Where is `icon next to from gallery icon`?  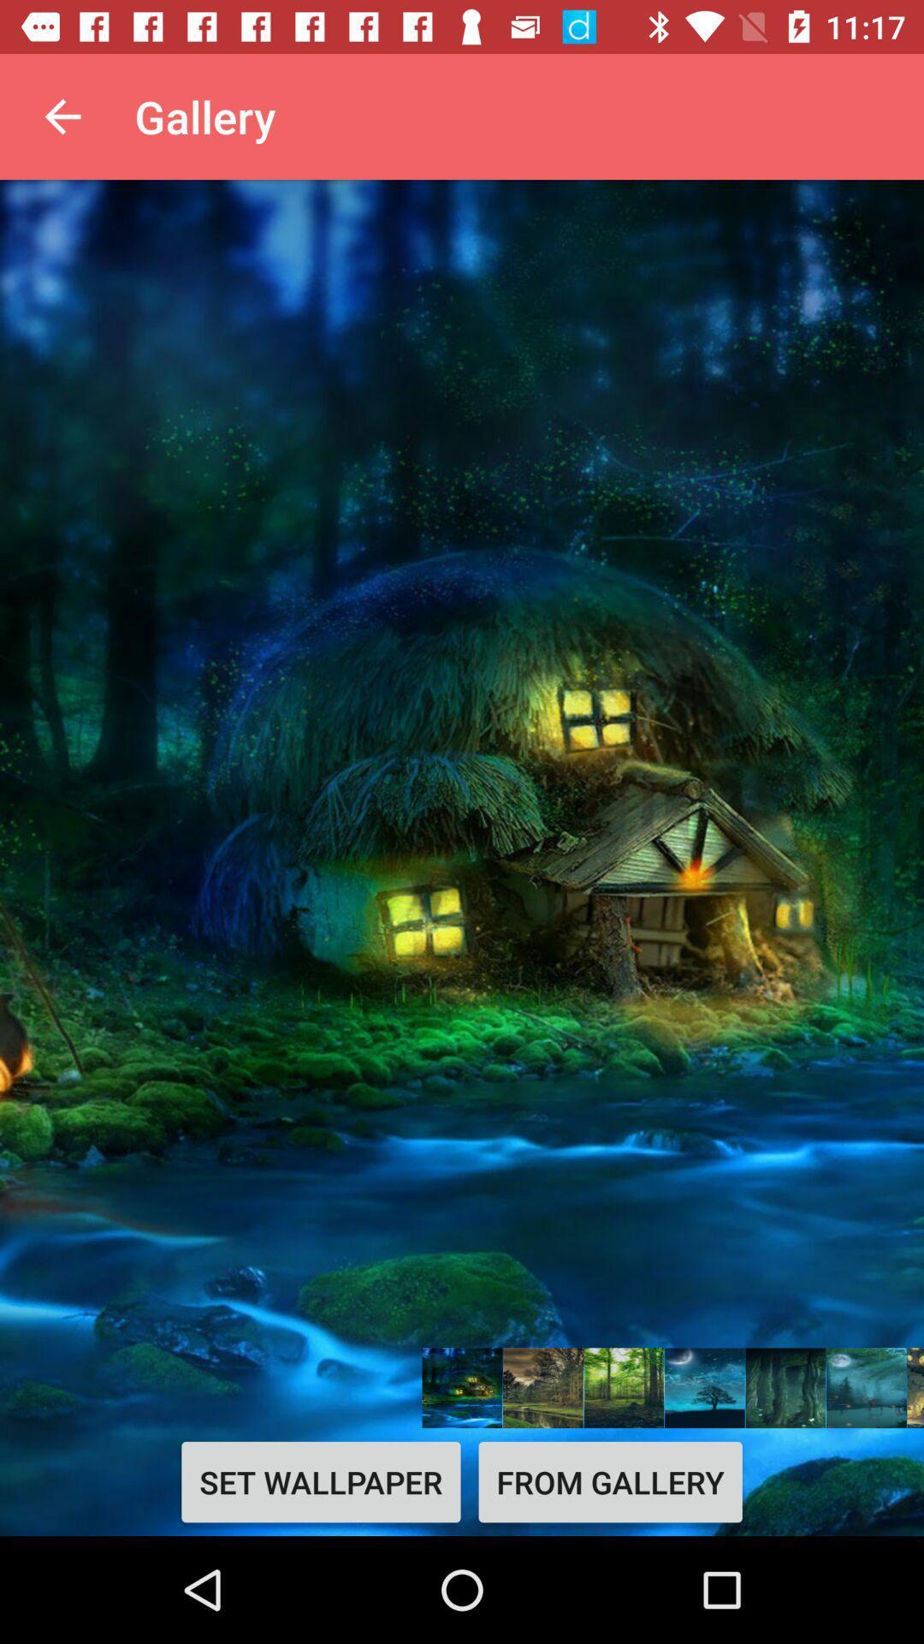
icon next to from gallery icon is located at coordinates (321, 1481).